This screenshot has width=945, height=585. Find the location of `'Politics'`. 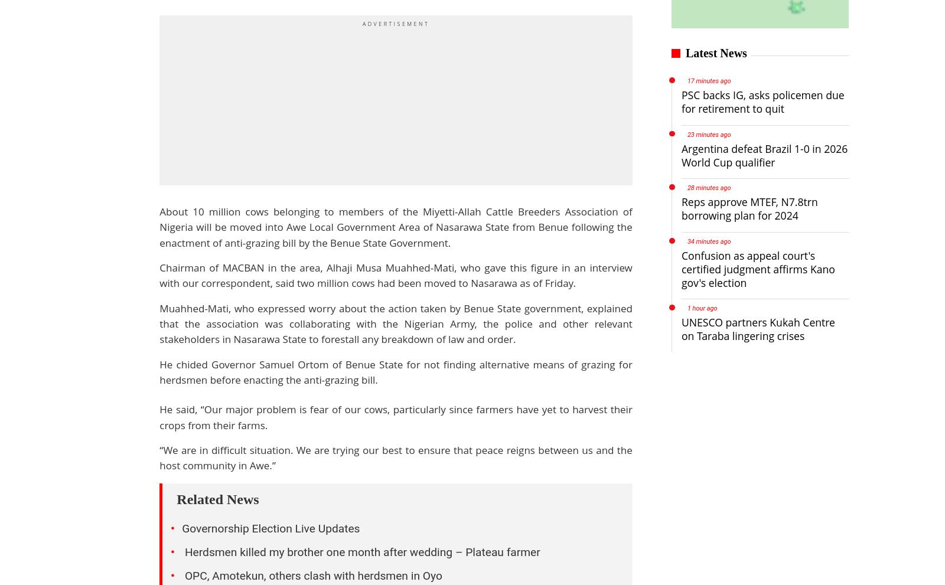

'Politics' is located at coordinates (110, 476).